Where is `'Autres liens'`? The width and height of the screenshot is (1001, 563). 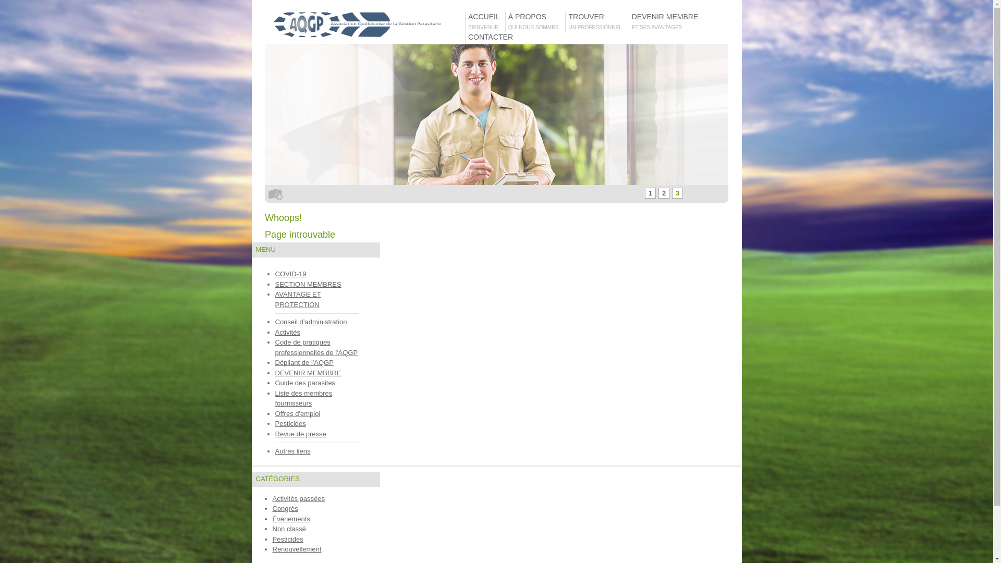 'Autres liens' is located at coordinates (292, 450).